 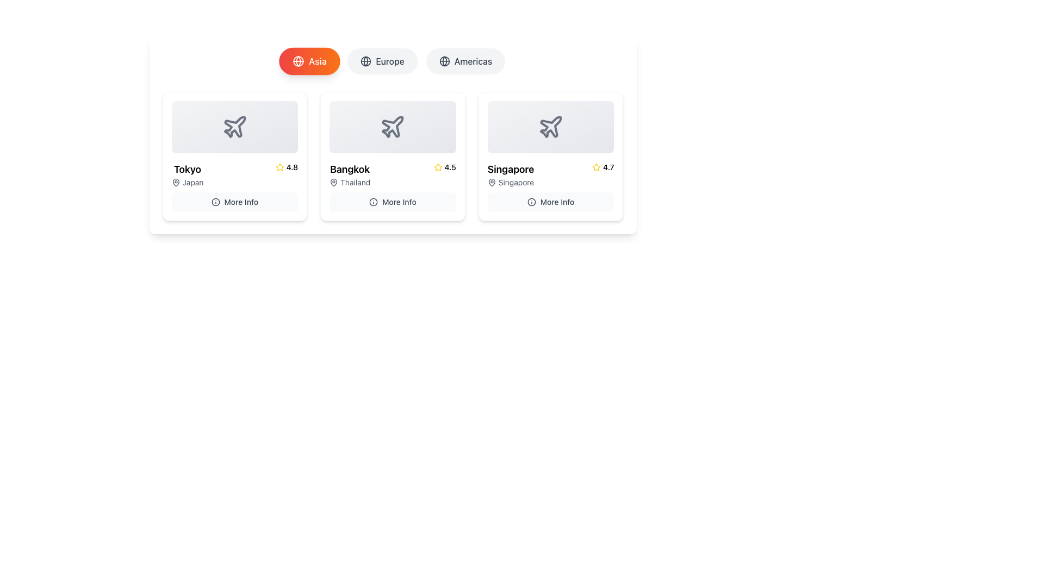 I want to click on the bold text label reading 'Bangkok', which is styled in a dark black color and serves as the title of a card in the interface, so click(x=350, y=170).